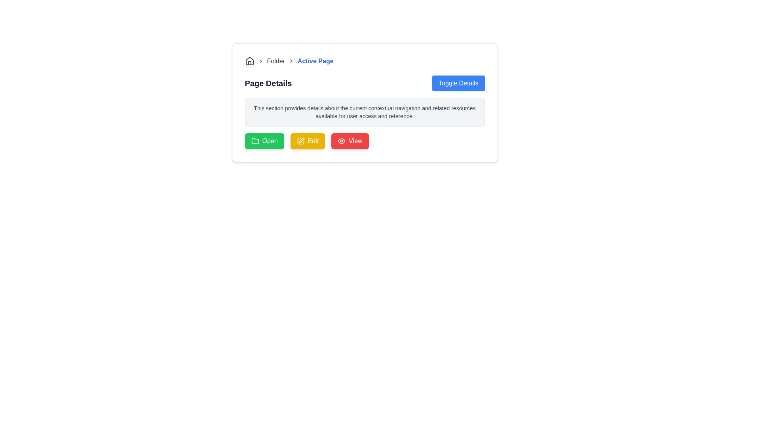  What do you see at coordinates (260, 60) in the screenshot?
I see `the right-facing chevron icon in the breadcrumb navigation component, located between the home icon and the 'Folder' label` at bounding box center [260, 60].